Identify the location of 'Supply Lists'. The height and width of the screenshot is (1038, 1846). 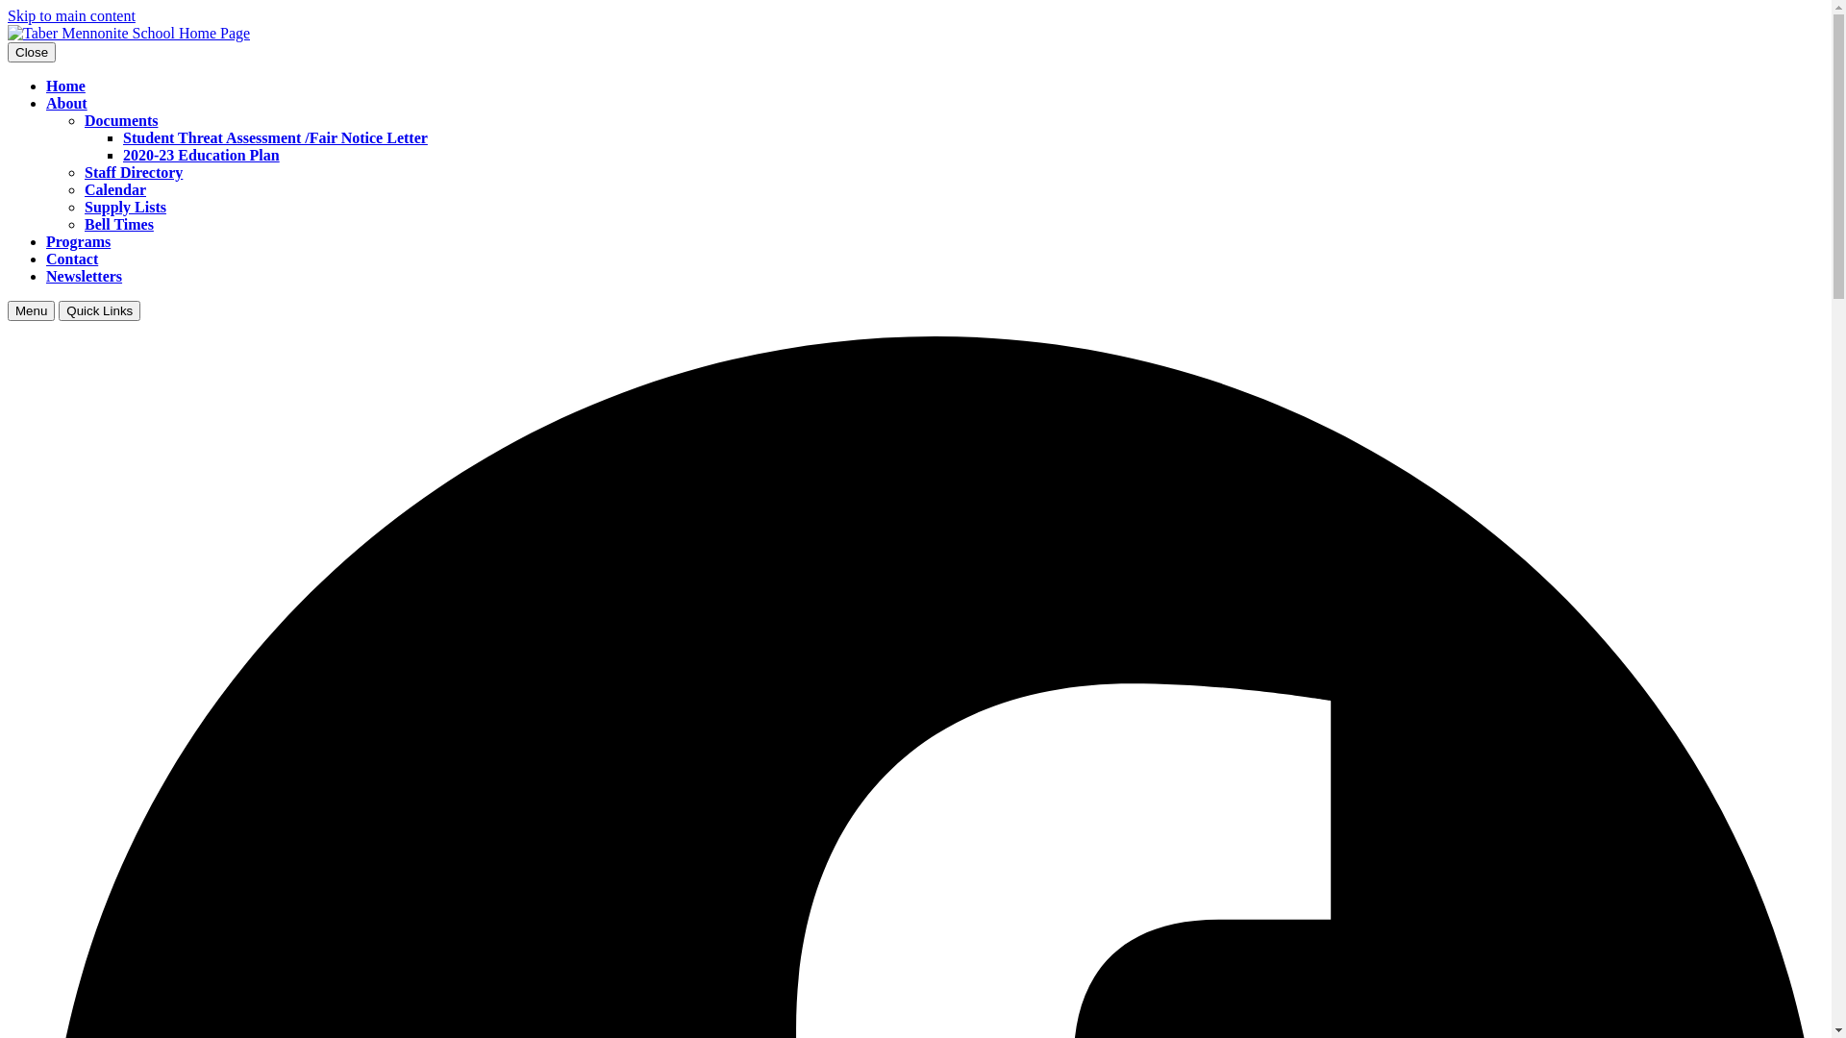
(124, 207).